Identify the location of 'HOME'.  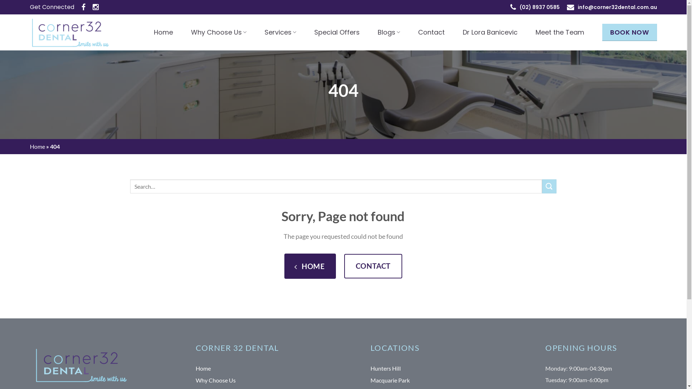
(310, 266).